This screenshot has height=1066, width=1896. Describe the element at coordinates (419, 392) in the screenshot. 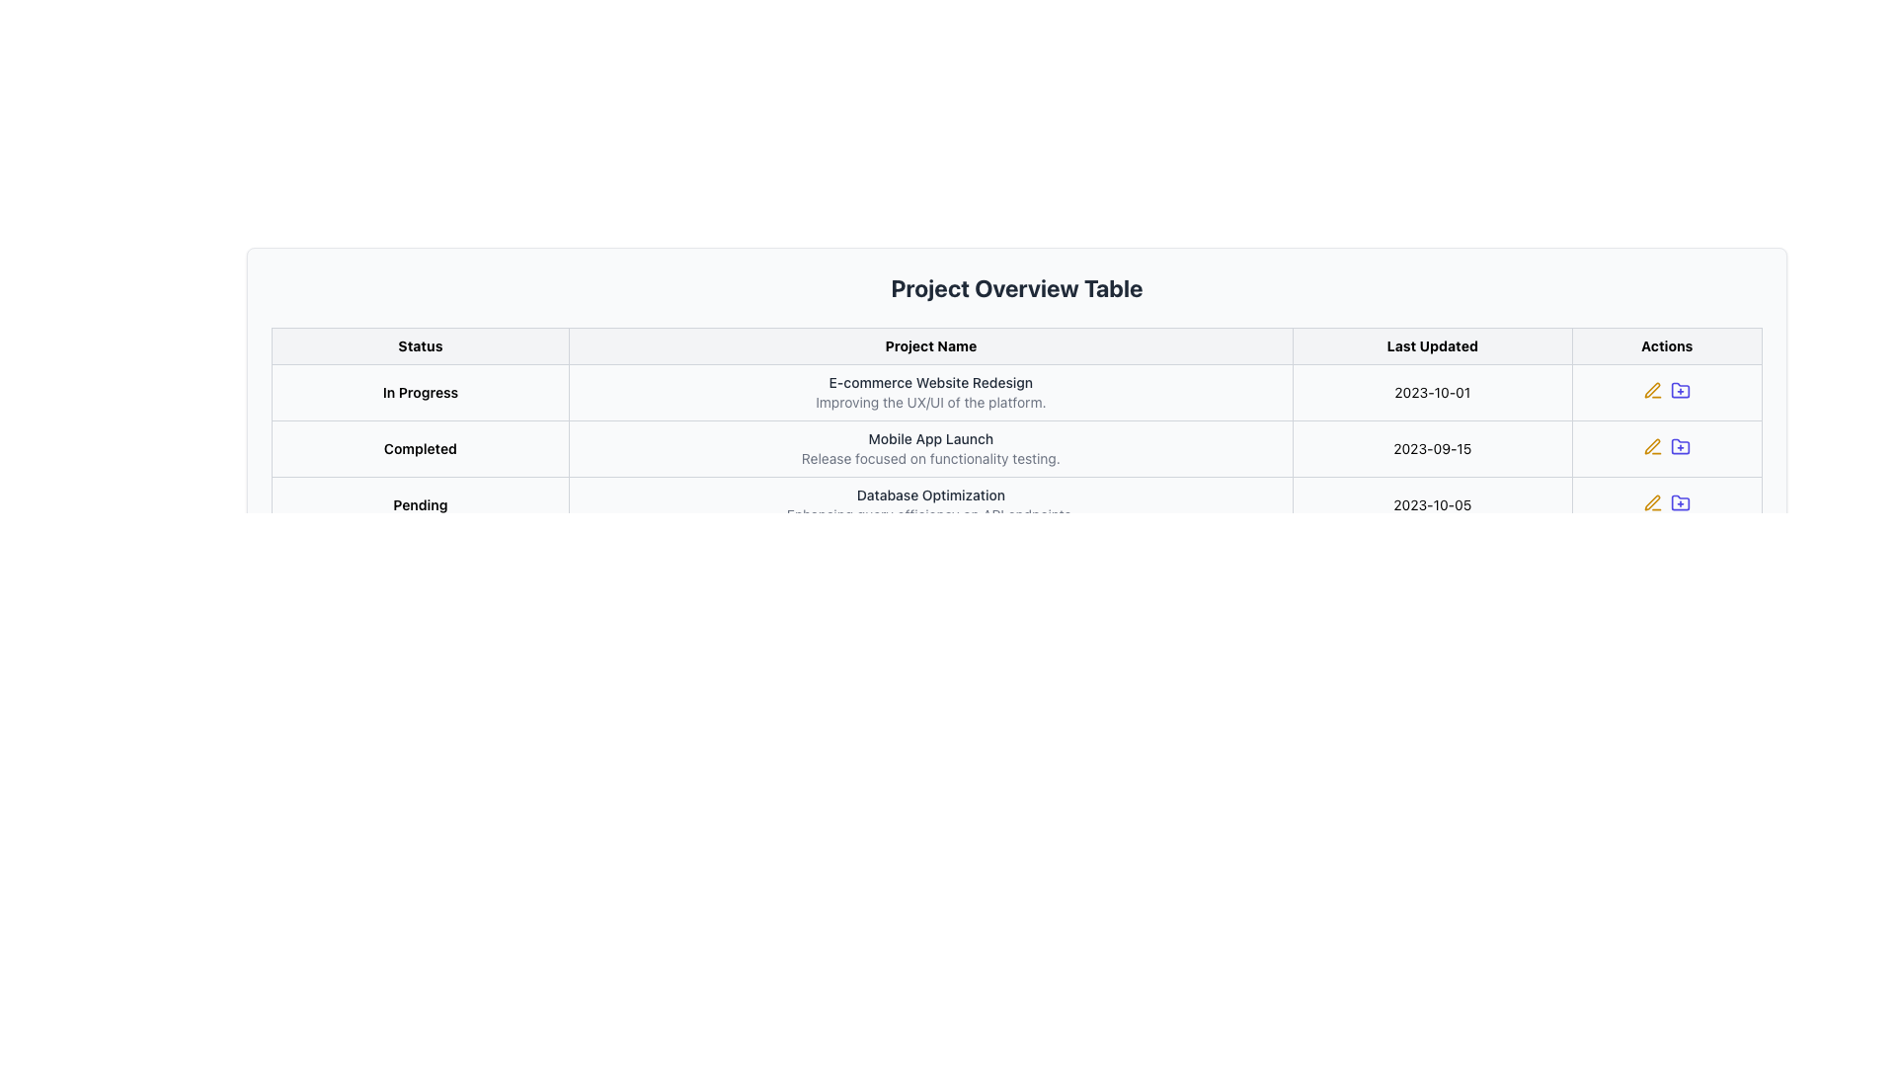

I see `the 'In Progress' label, which is a pill-shaped label with bold blue text on a light blue background, located in the first column under the 'Status' header of the 'Project Overview Table'` at that location.